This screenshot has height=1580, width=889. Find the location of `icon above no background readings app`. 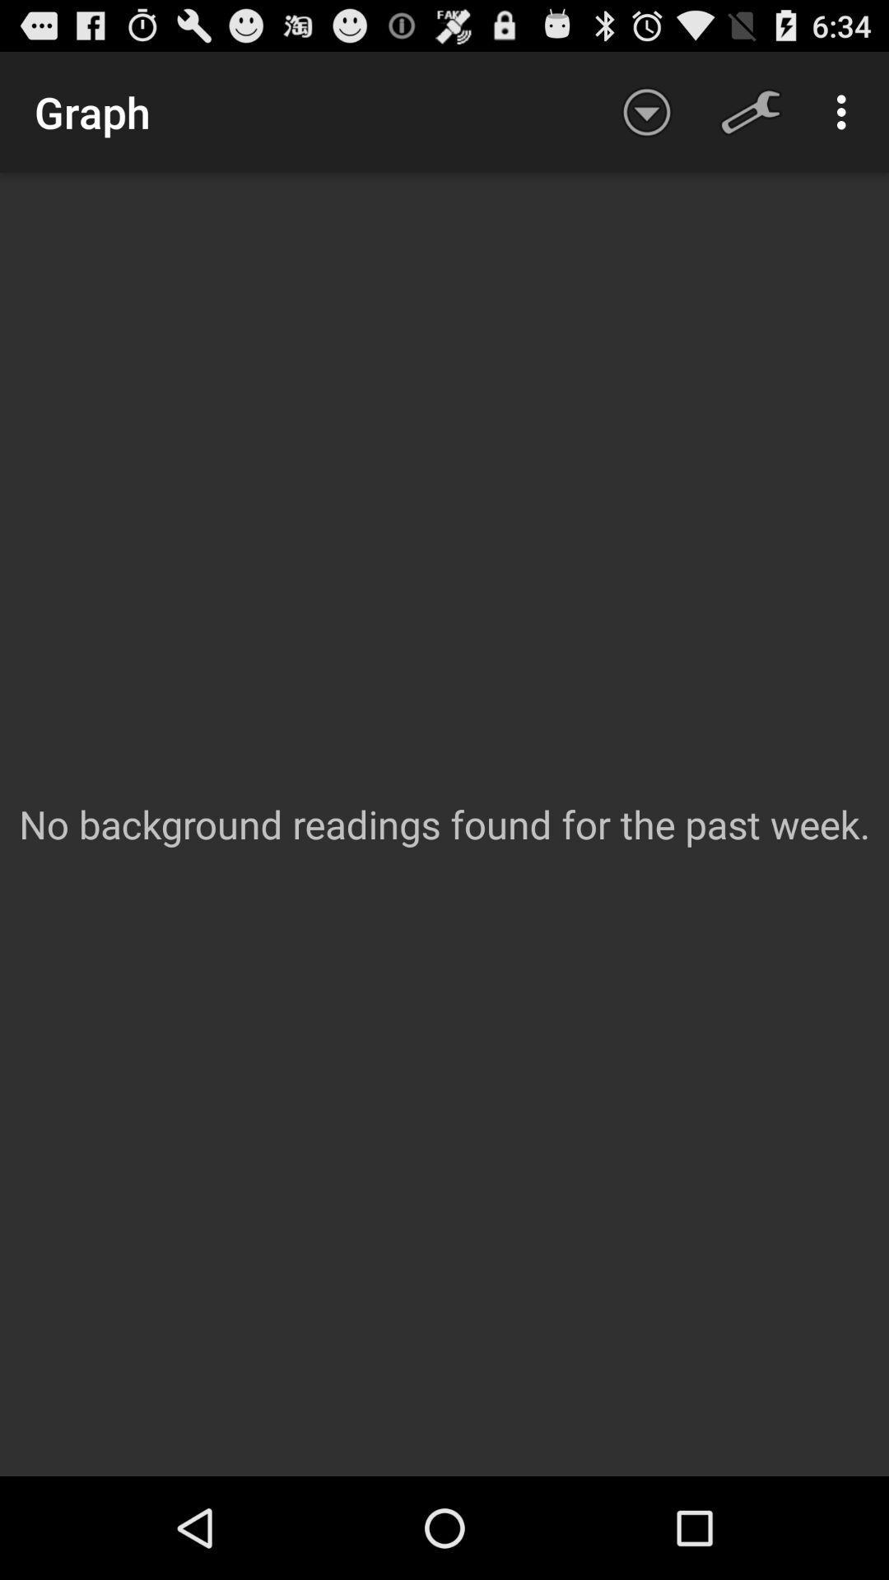

icon above no background readings app is located at coordinates (646, 111).